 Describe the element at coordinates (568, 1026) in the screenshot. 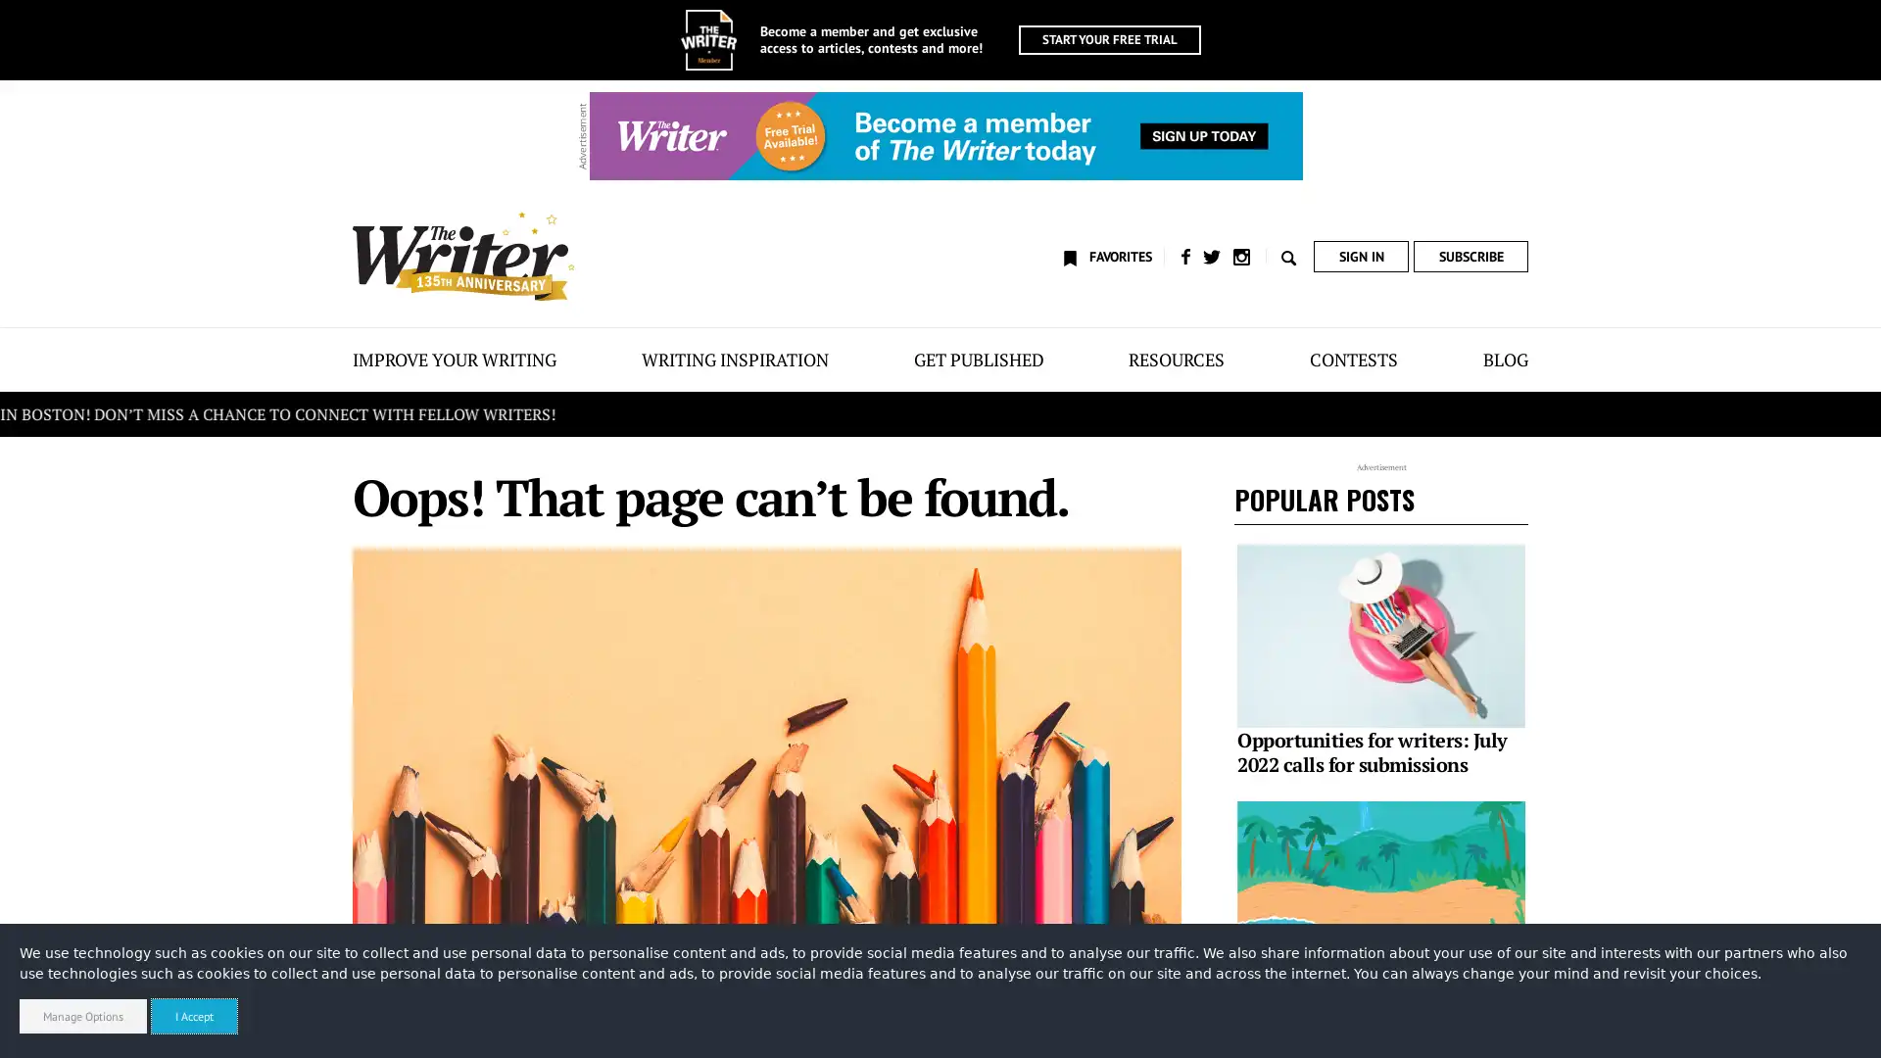

I see `Search` at that location.